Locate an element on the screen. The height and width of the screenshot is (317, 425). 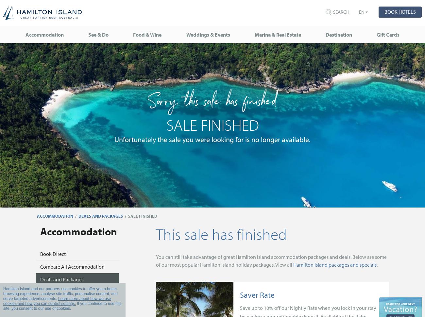
'Search' is located at coordinates (341, 11).